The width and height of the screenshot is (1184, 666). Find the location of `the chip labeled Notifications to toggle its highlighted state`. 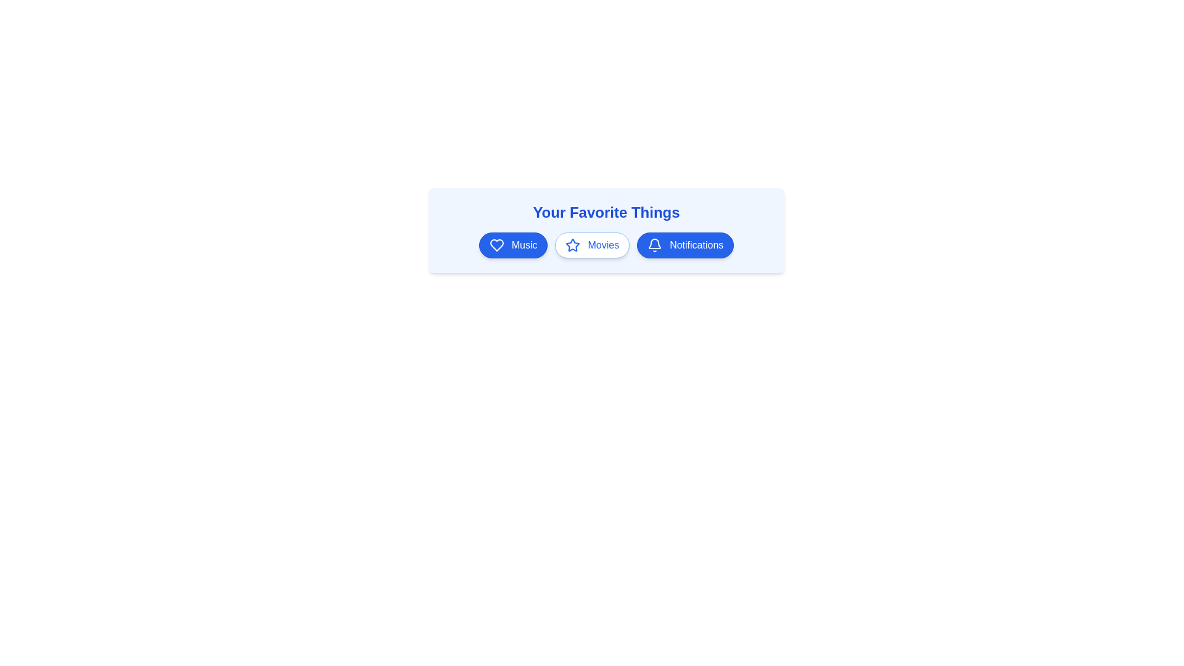

the chip labeled Notifications to toggle its highlighted state is located at coordinates (684, 245).